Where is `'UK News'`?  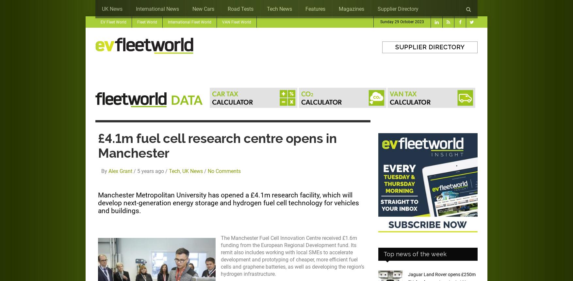
'UK News' is located at coordinates (182, 171).